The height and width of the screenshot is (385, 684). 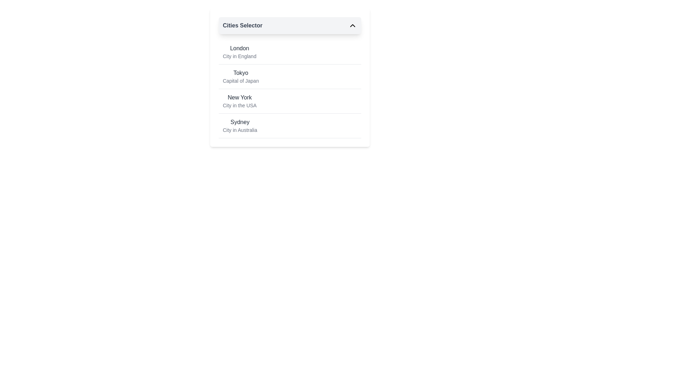 I want to click on the fourth entry in the dropdown menu that displays 'Sydney' as the chosen city, which is represented by a bold first line and a lighter second line reading 'City in Australia.', so click(x=240, y=125).